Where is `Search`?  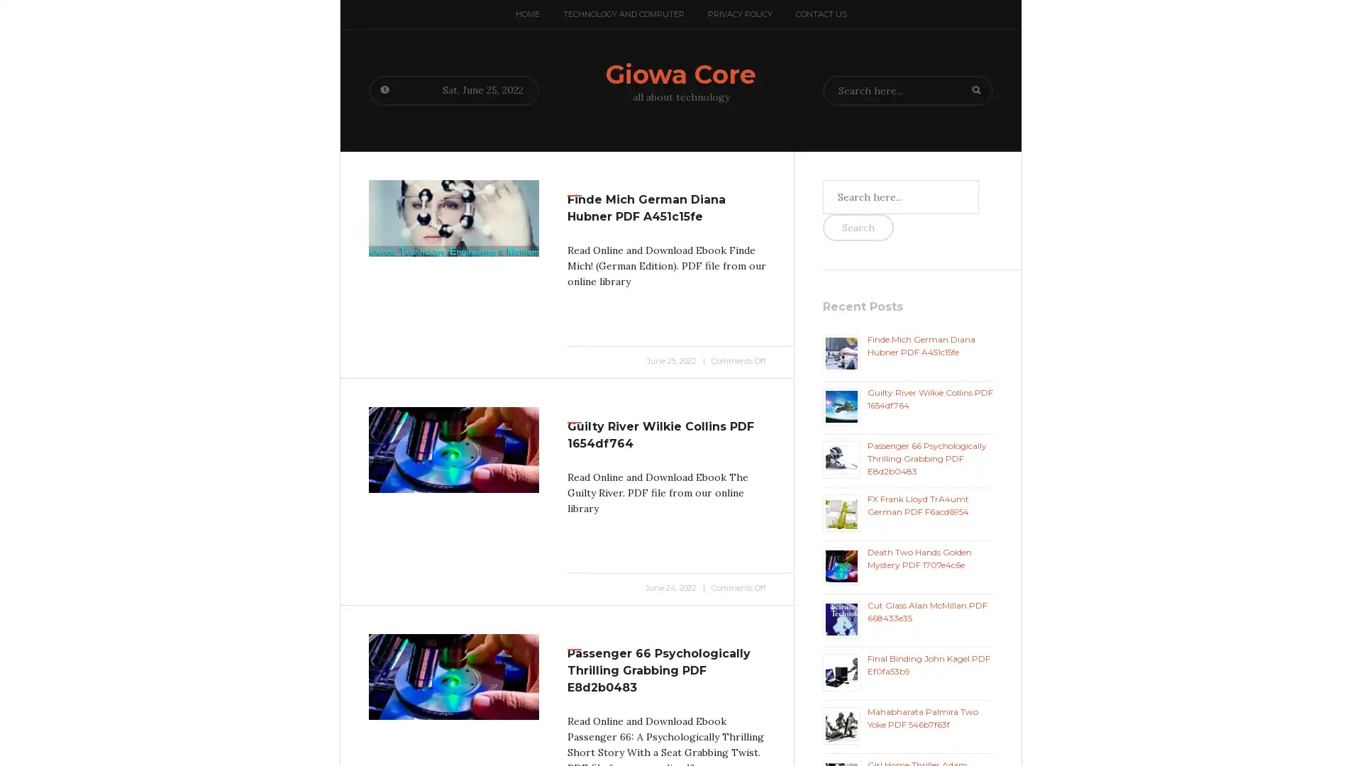 Search is located at coordinates (857, 226).